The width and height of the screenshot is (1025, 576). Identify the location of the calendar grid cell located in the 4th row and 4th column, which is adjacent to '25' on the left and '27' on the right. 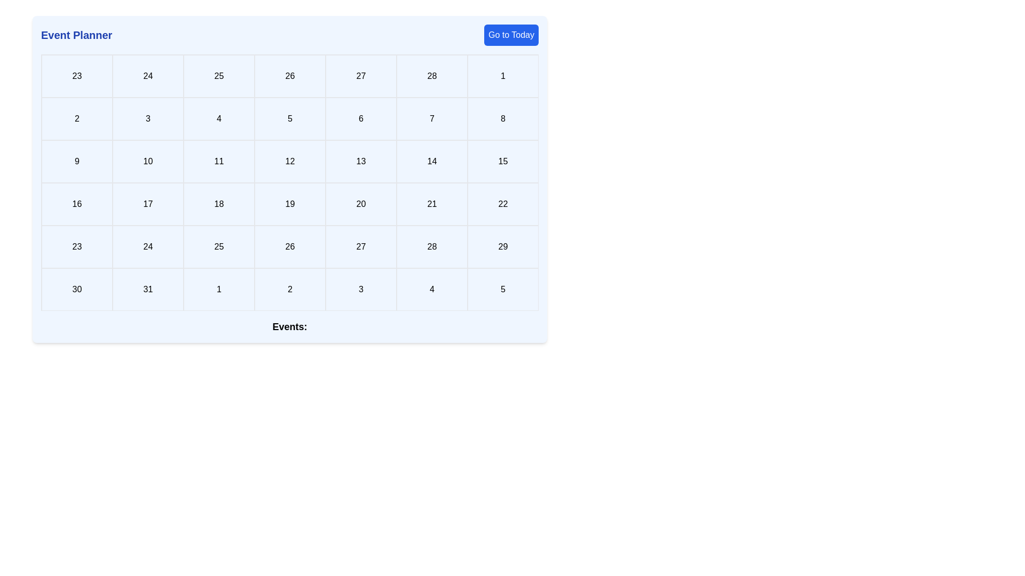
(290, 246).